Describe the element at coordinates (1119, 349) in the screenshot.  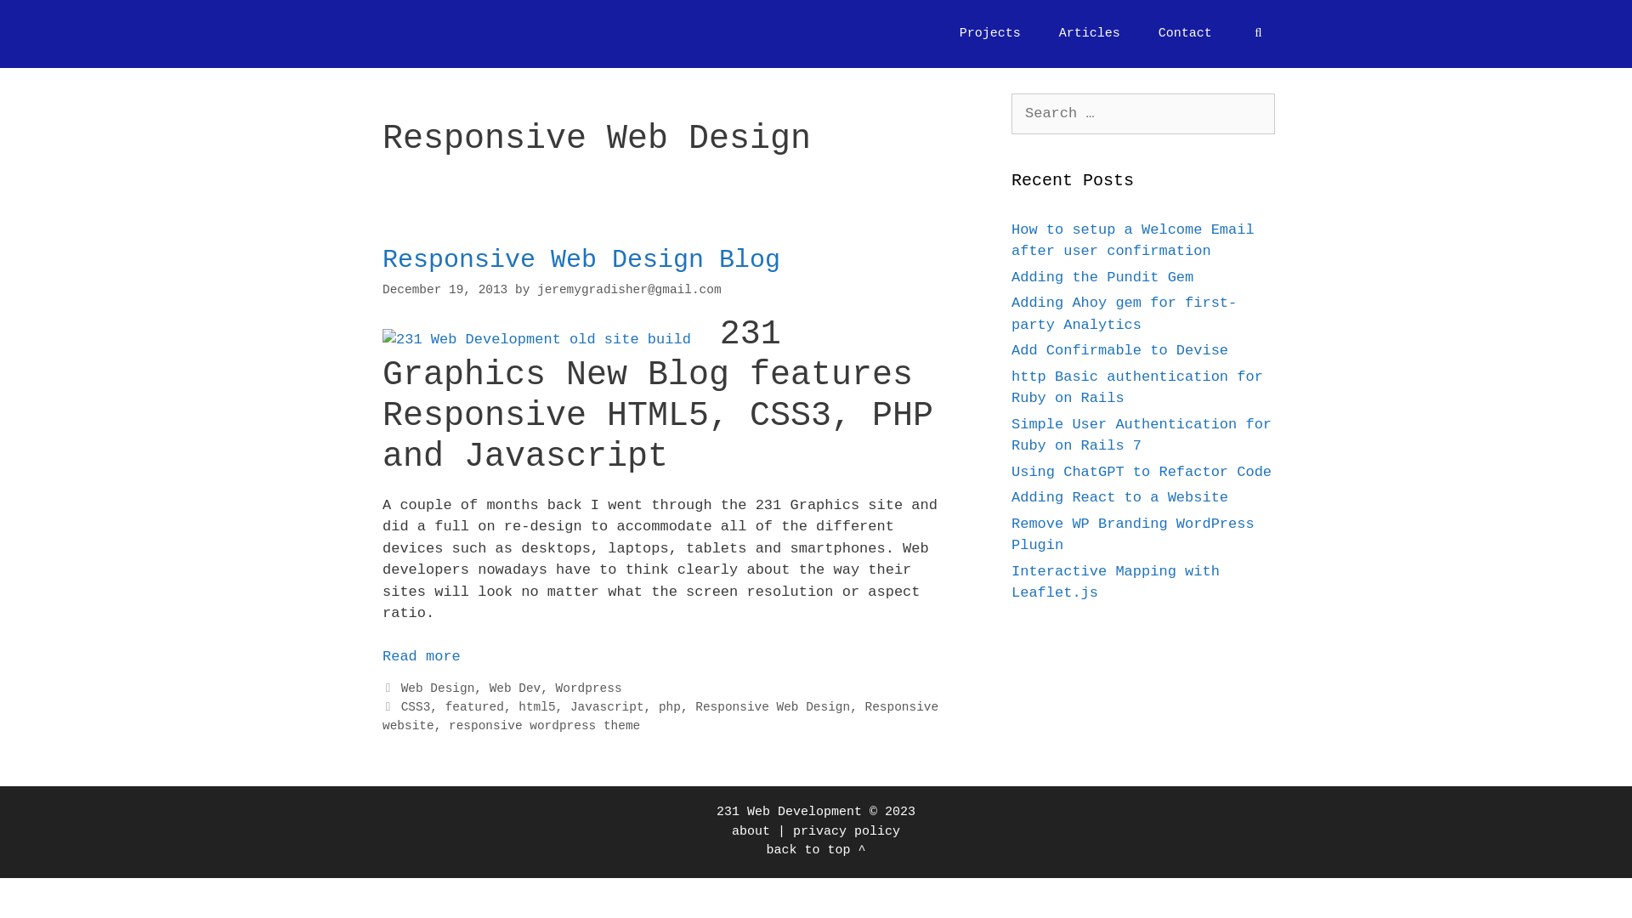
I see `'Add Confirmable to Devise'` at that location.